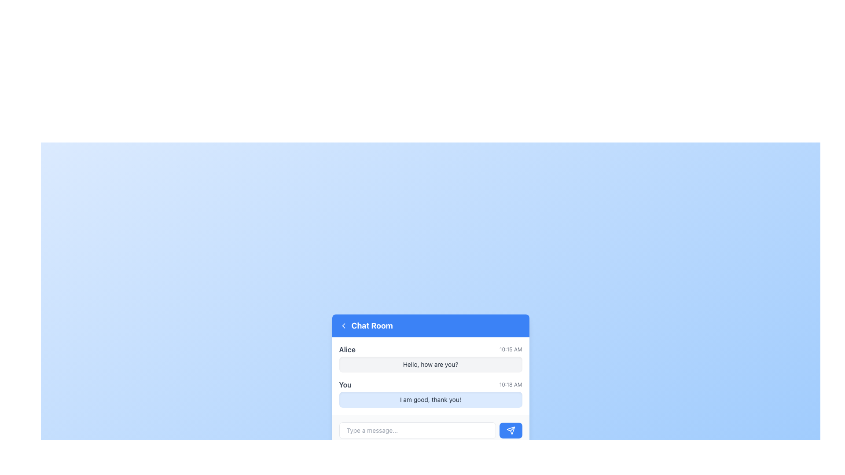 The width and height of the screenshot is (845, 475). What do you see at coordinates (430, 393) in the screenshot?
I see `the chat message display element that shows a message sent by 'You', positioned below Alice's message 'Hello, how are you?' and above the input field, with a timestamp of '10:18 AM'` at bounding box center [430, 393].